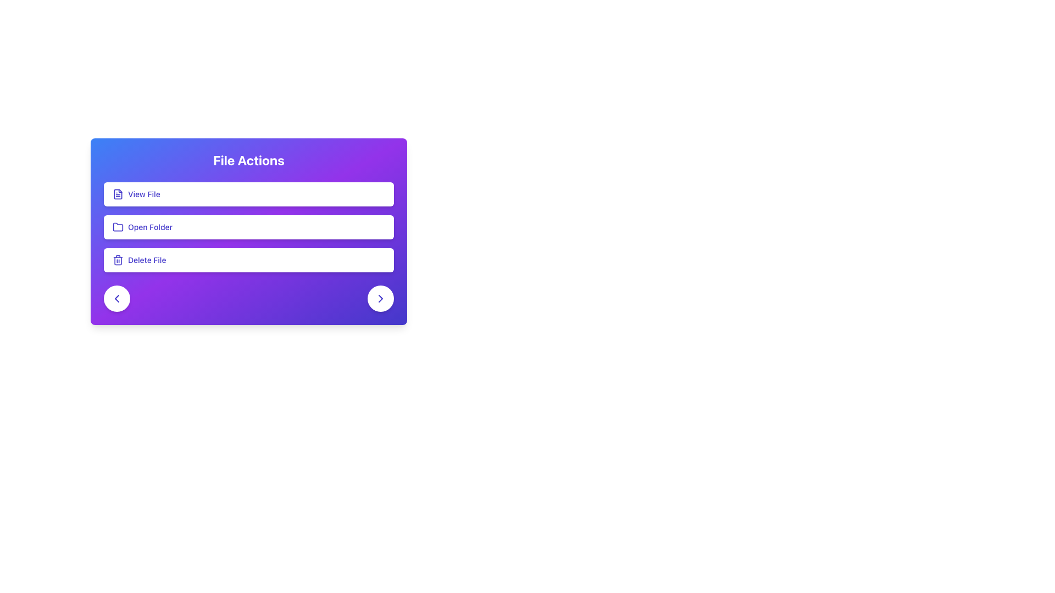  What do you see at coordinates (118, 260) in the screenshot?
I see `the delete icon located in the bottom row of the 'File Actions' window` at bounding box center [118, 260].